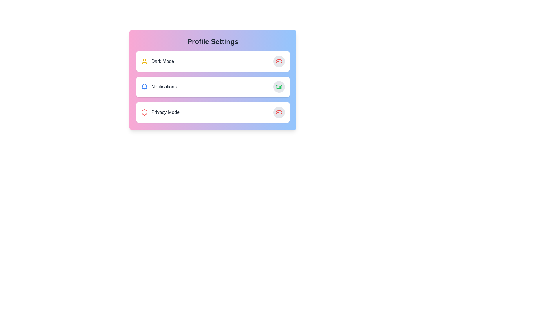  I want to click on the visual state of the notification icon located to the left of the 'notifications' text label in the settings panel, so click(144, 87).